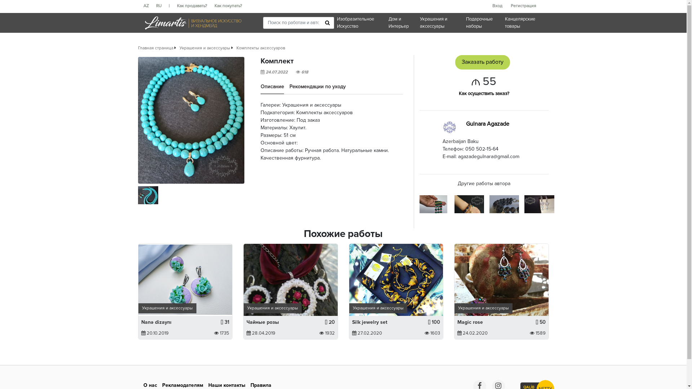 Image resolution: width=692 pixels, height=389 pixels. Describe the element at coordinates (161, 6) in the screenshot. I see `'RU'` at that location.